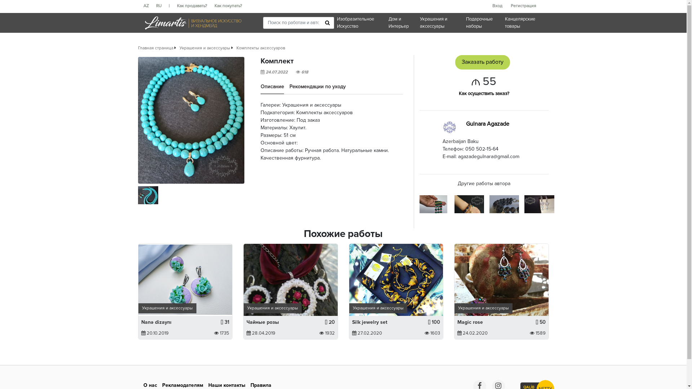 Image resolution: width=692 pixels, height=389 pixels. Describe the element at coordinates (161, 6) in the screenshot. I see `'RU'` at that location.